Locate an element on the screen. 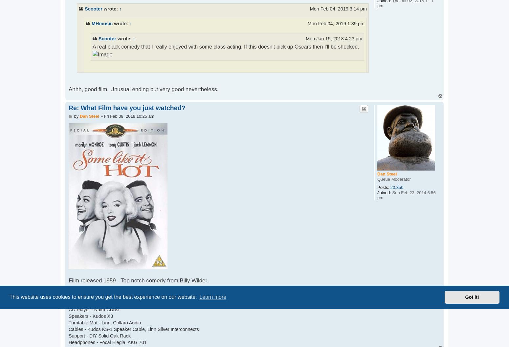 Image resolution: width=509 pixels, height=347 pixels. 'This website uses cookies to ensure you get the best experience on our website.' is located at coordinates (103, 297).